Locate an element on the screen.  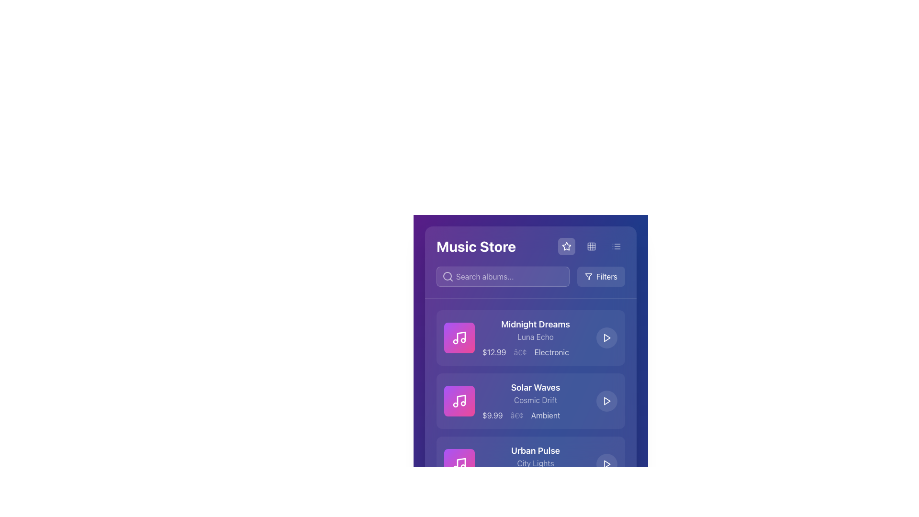
the list item displaying 'Urban Pulse' is located at coordinates (530, 463).